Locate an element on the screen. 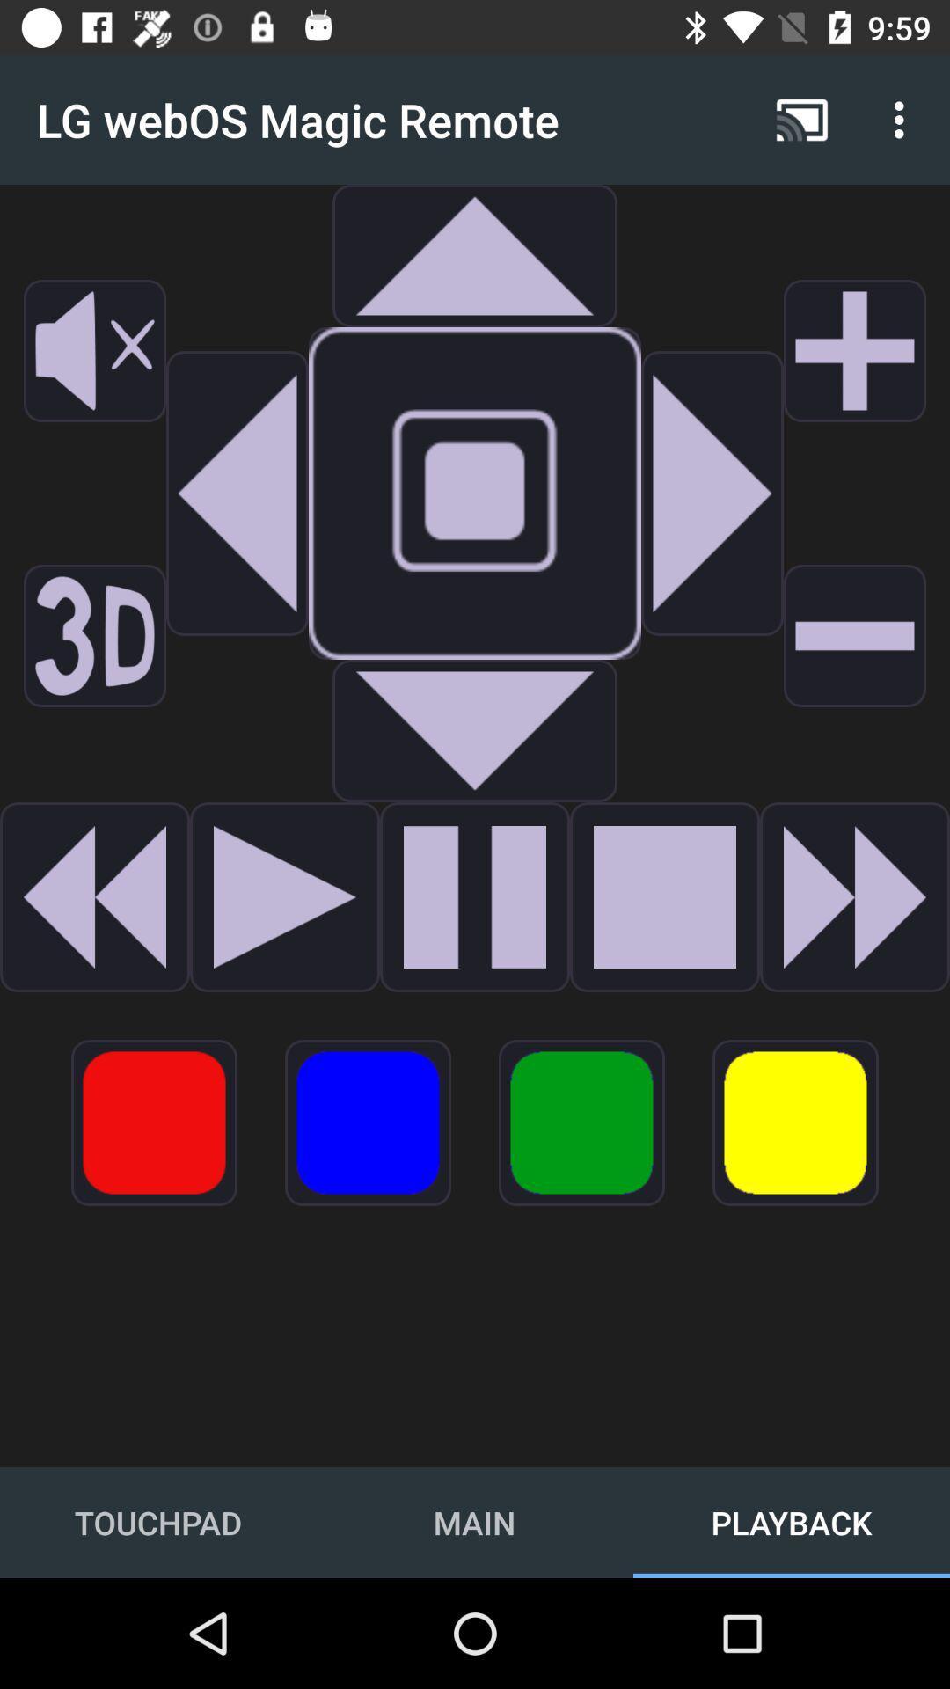 The width and height of the screenshot is (950, 1689). the item below the lg webos magic item is located at coordinates (237, 493).